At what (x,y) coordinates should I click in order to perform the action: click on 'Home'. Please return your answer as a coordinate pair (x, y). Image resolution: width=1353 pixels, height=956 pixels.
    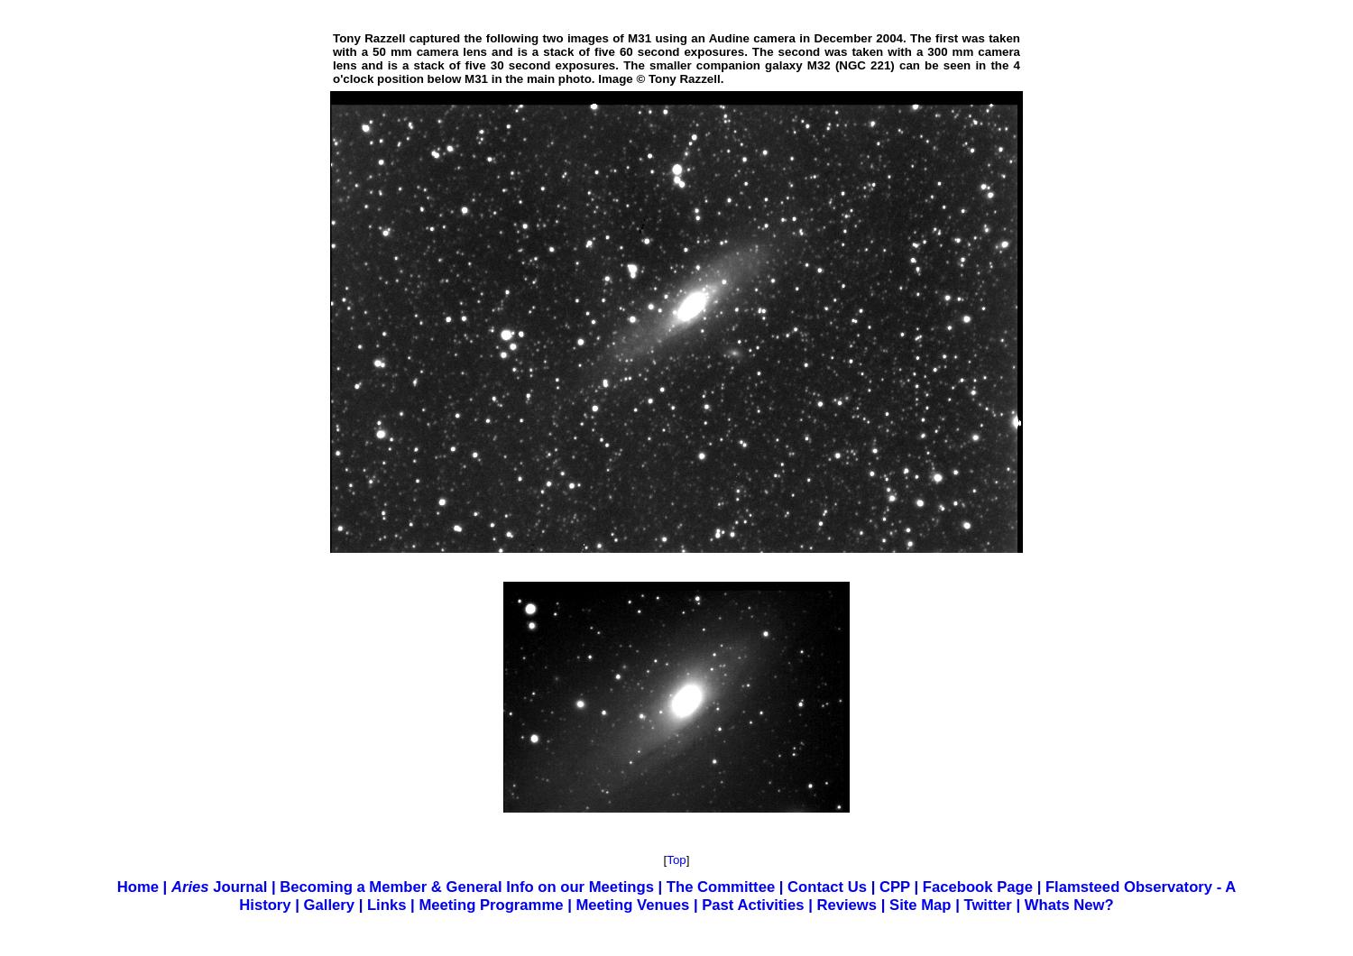
    Looking at the image, I should click on (136, 886).